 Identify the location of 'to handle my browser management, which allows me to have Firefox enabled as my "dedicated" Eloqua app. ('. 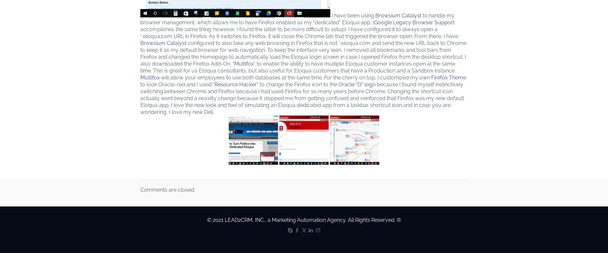
(297, 18).